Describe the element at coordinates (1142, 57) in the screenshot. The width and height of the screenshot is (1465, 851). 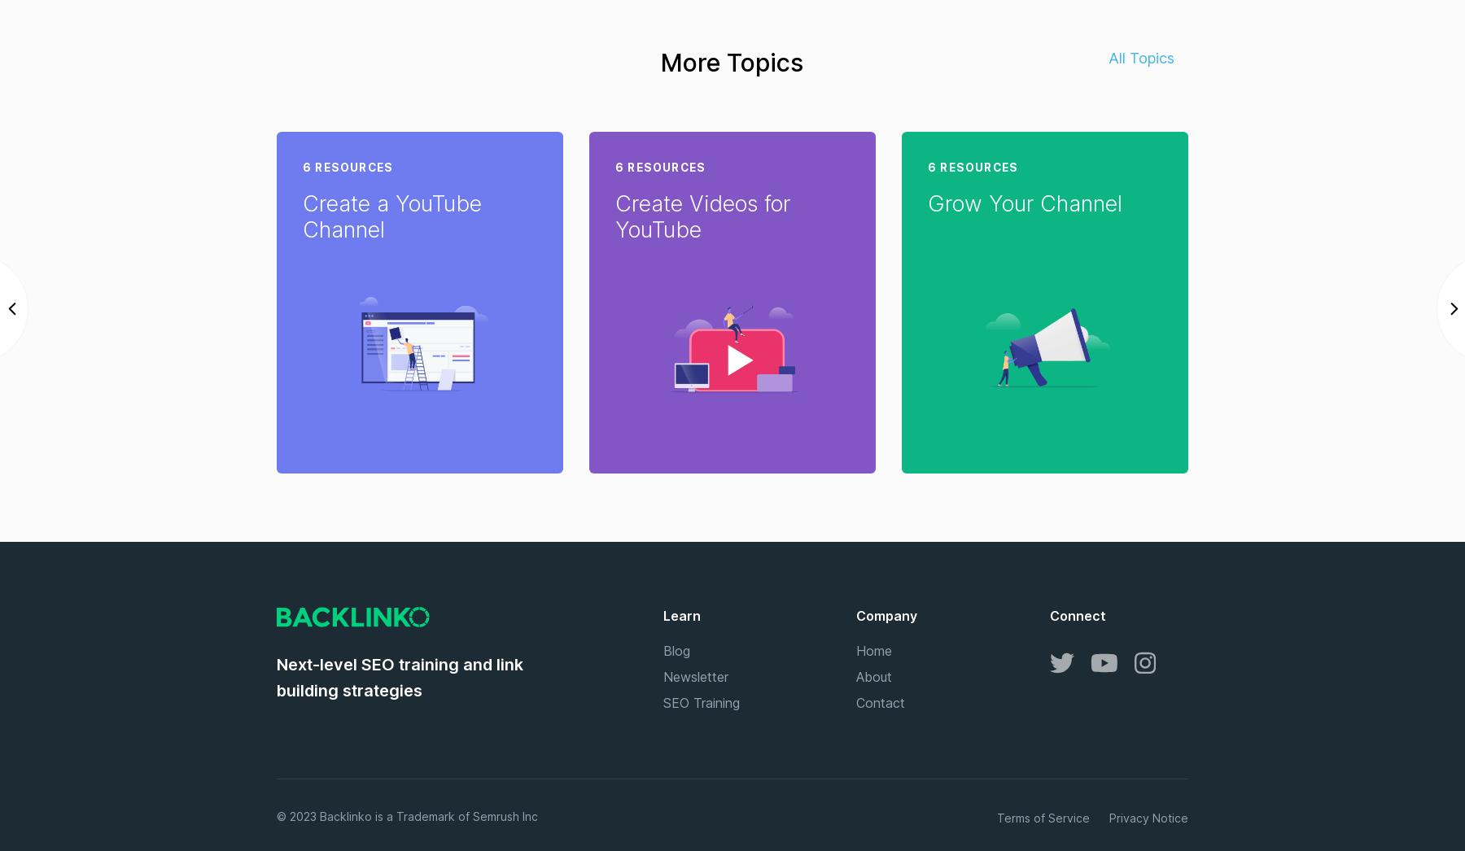
I see `'All Topics'` at that location.